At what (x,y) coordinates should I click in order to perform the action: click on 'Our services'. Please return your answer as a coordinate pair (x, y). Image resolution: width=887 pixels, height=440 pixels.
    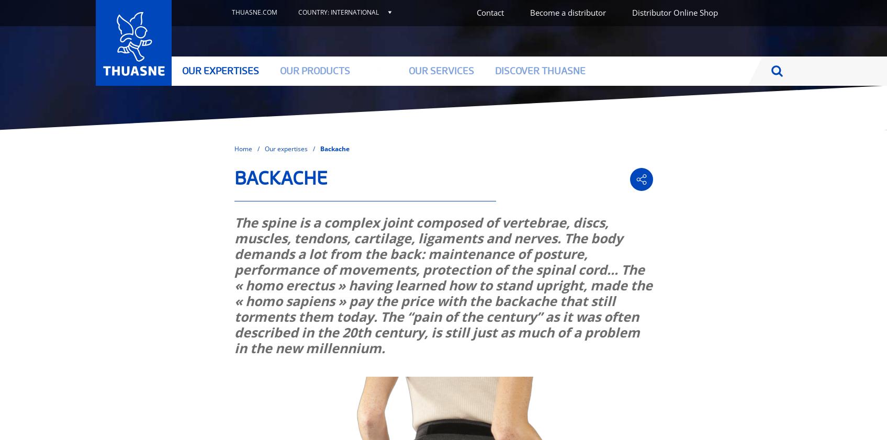
    Looking at the image, I should click on (408, 70).